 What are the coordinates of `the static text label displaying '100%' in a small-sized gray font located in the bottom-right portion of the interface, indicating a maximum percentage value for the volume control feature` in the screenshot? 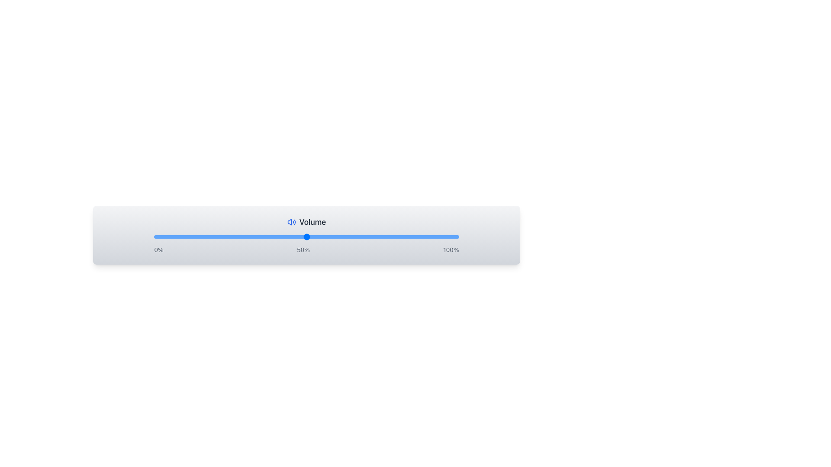 It's located at (451, 250).